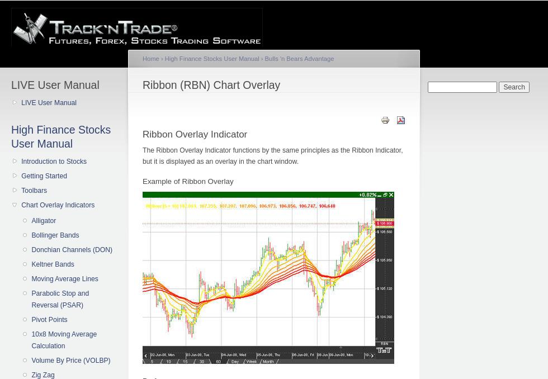  I want to click on 'Moving Average Lines', so click(64, 278).